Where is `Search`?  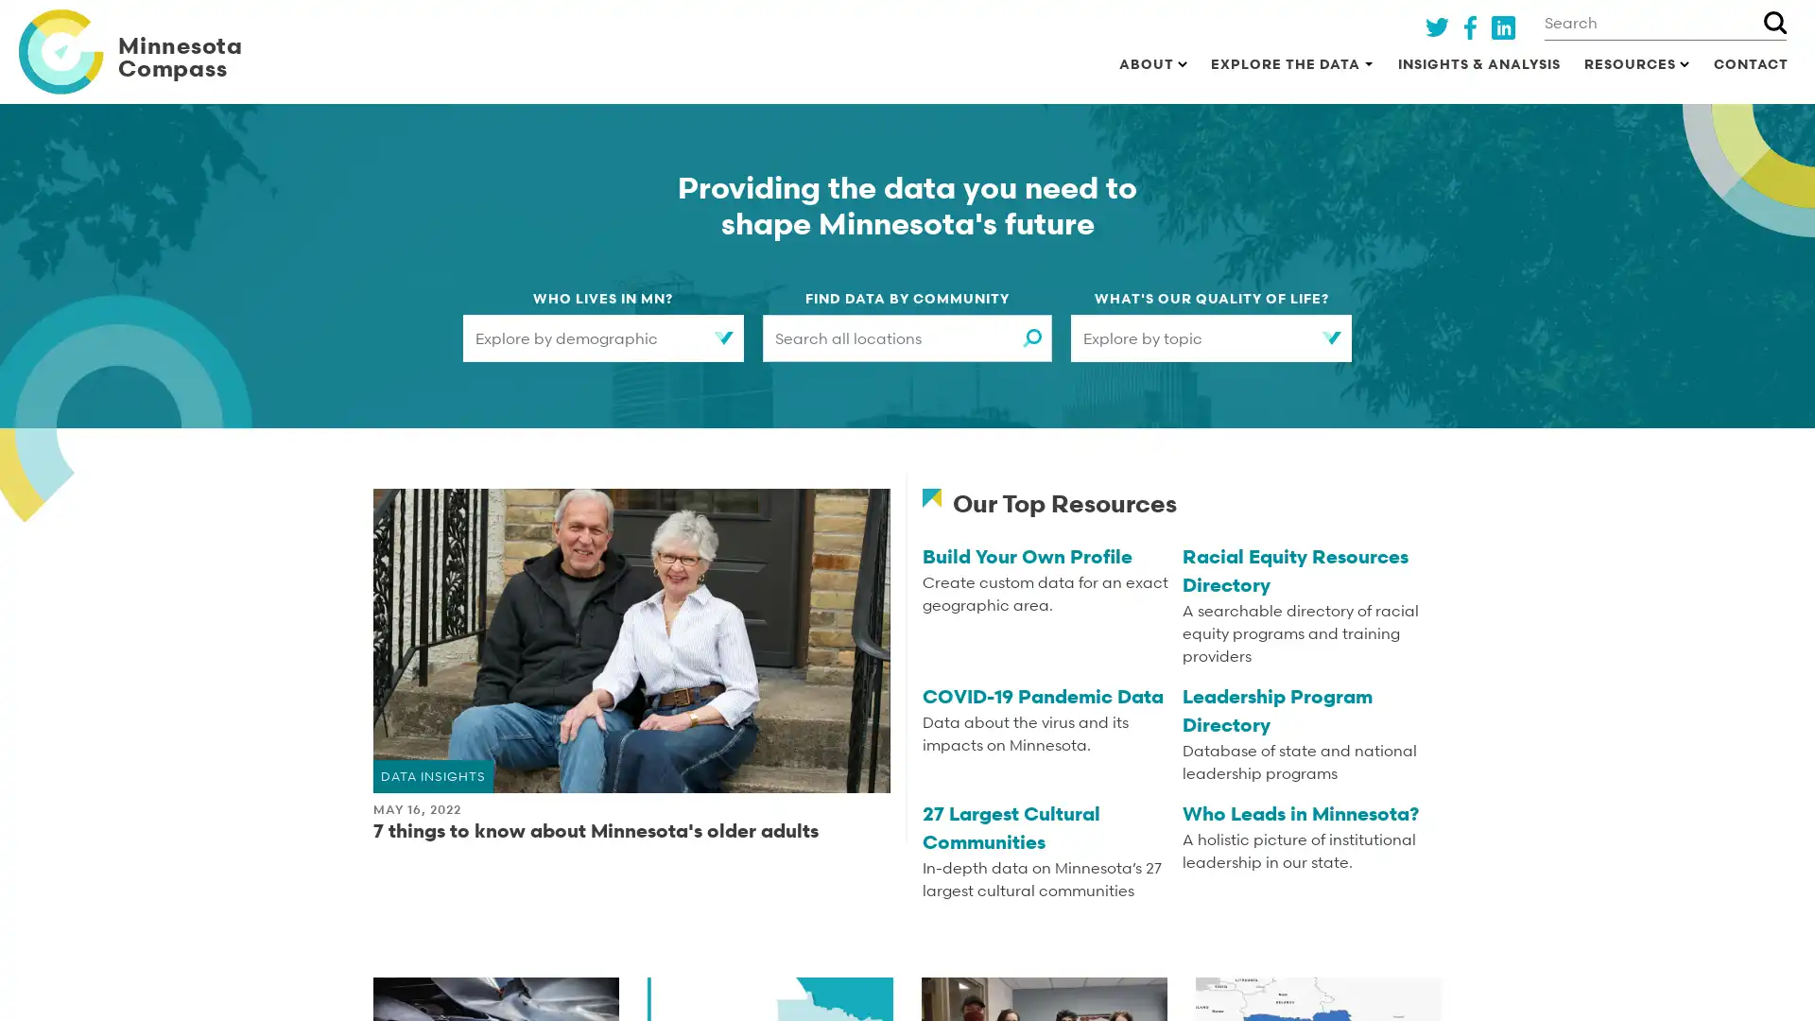 Search is located at coordinates (1773, 22).